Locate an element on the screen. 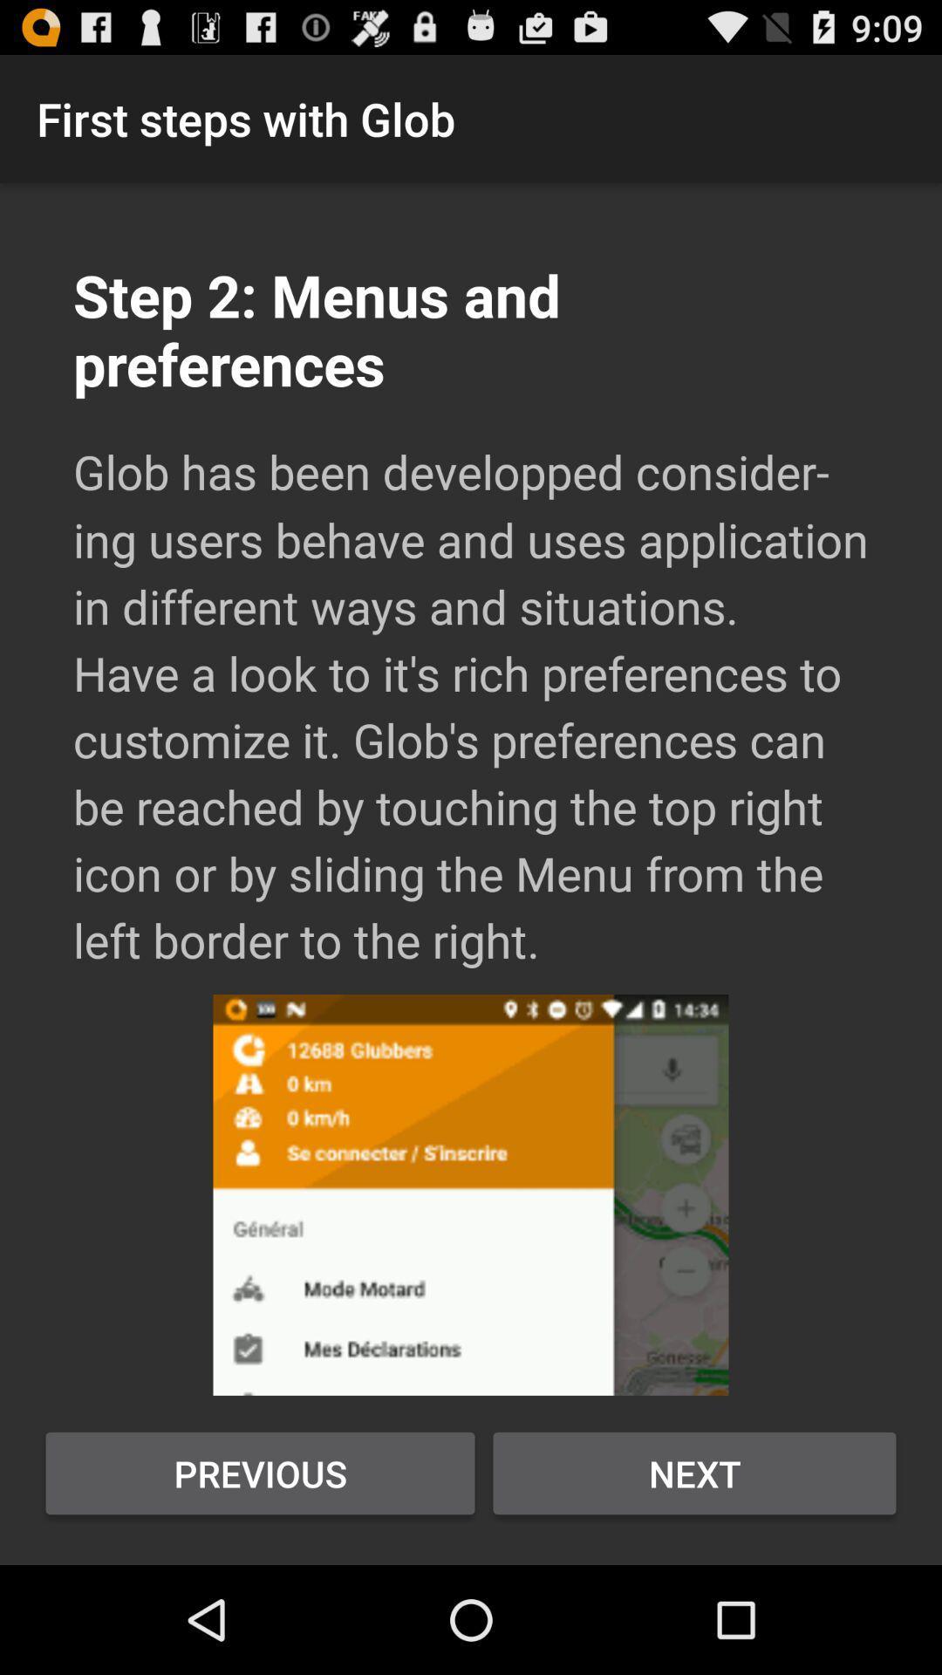 The image size is (942, 1675). icon to the right of previous is located at coordinates (693, 1473).